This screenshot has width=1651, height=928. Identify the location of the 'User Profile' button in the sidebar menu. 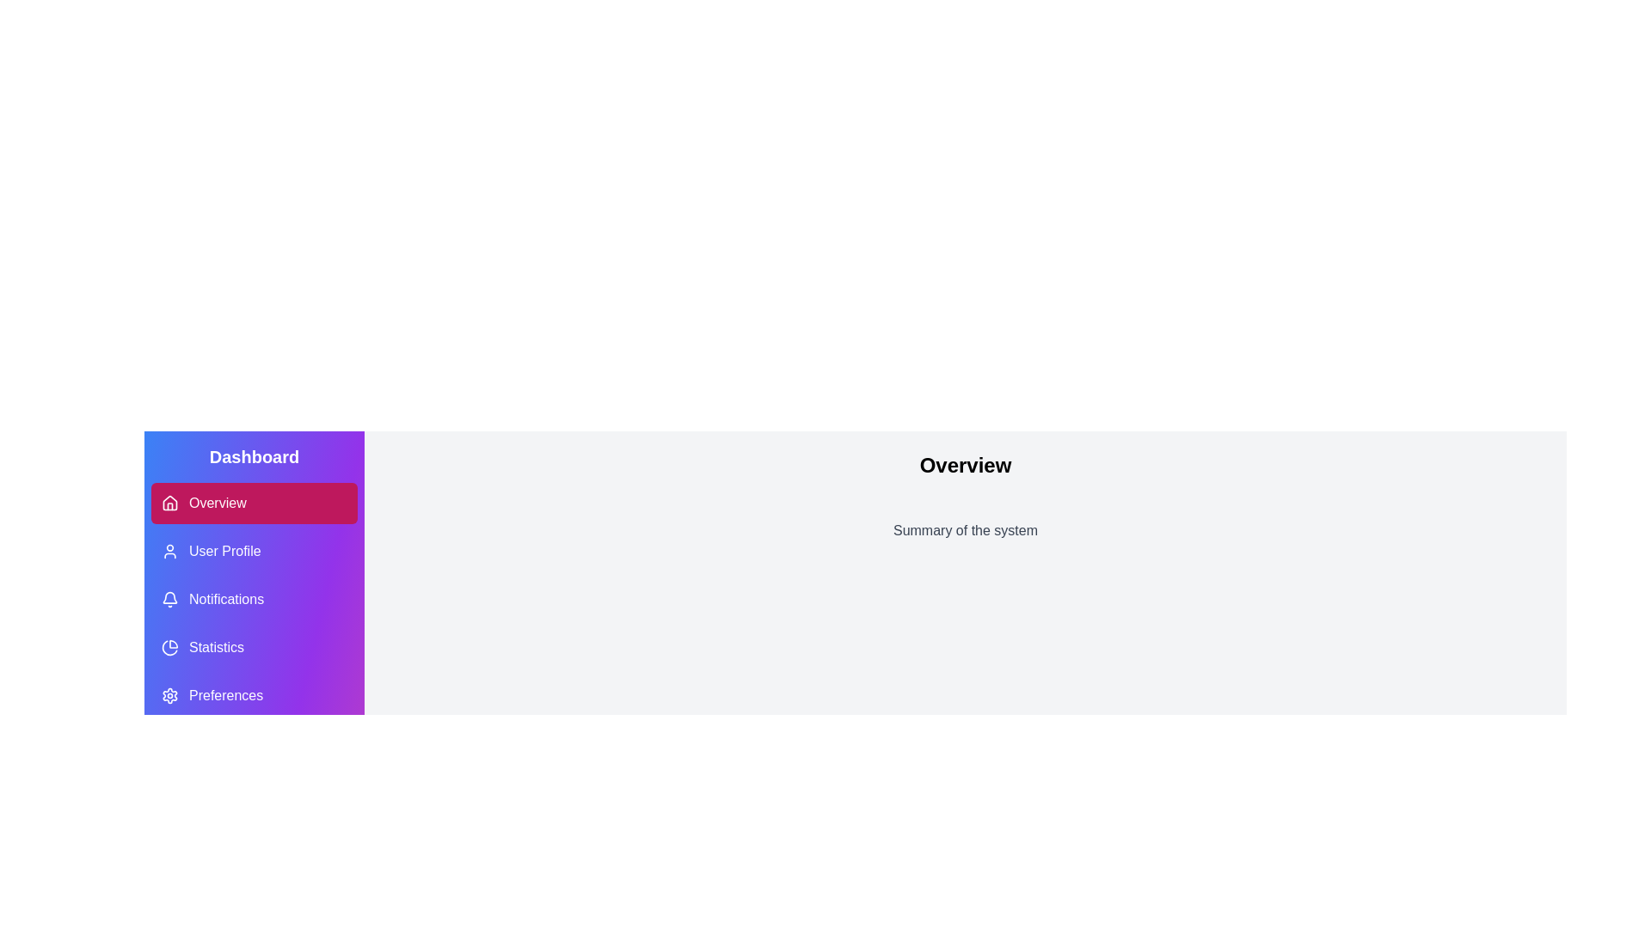
(254, 551).